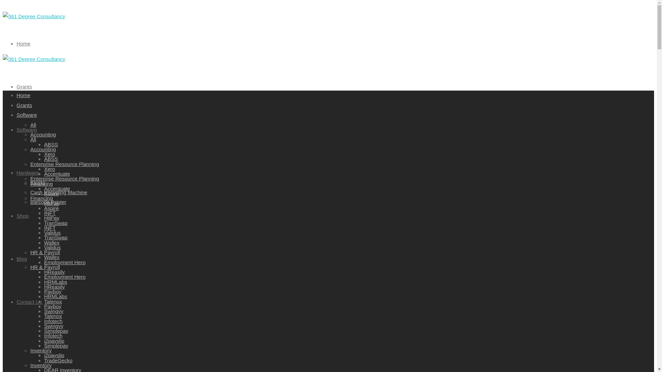  Describe the element at coordinates (44, 335) in the screenshot. I see `'Infotech'` at that location.